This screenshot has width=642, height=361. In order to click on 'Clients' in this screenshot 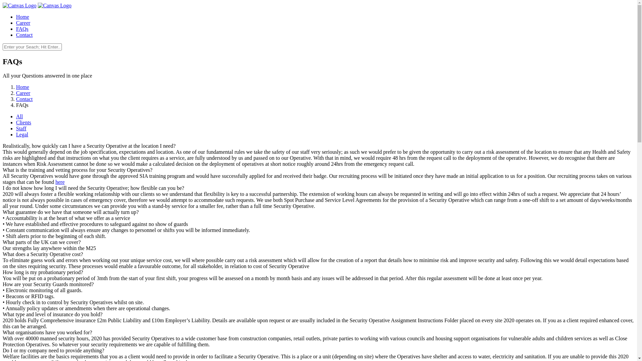, I will do `click(23, 122)`.